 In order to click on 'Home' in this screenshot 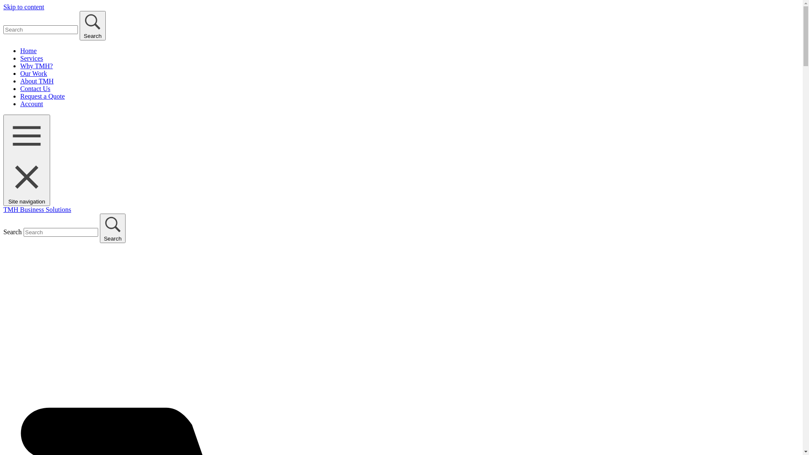, I will do `click(20, 51)`.